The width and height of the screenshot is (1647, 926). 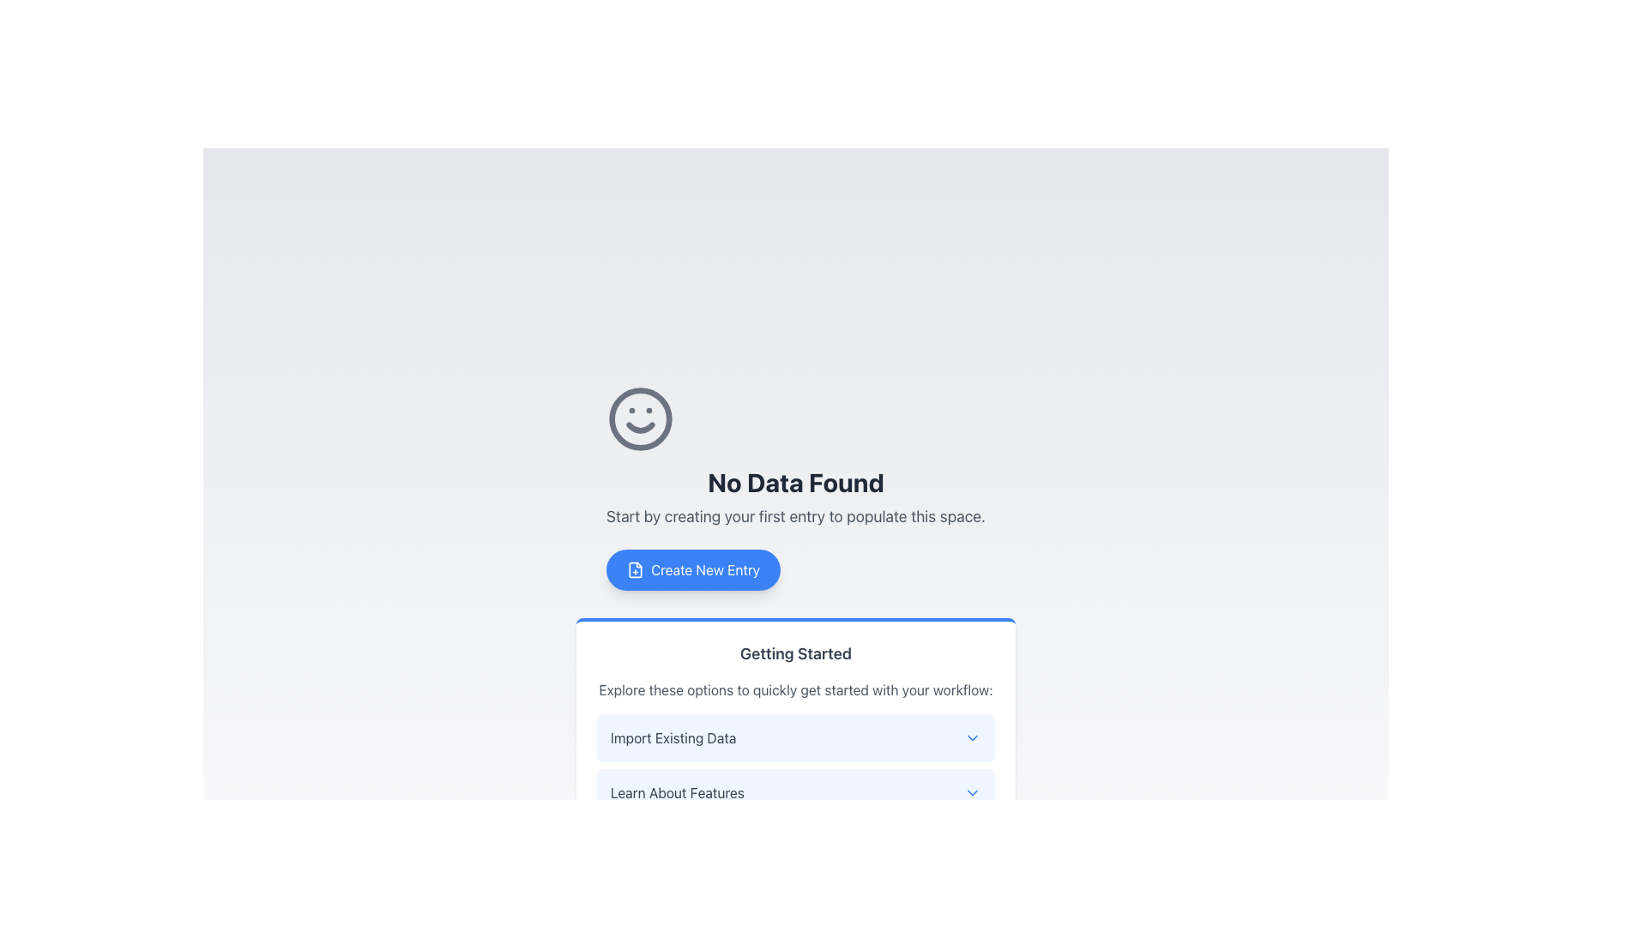 I want to click on the 'Create New Entry' button, which contains a minimalist document icon with a plus sign on the left side of the button text, to initiate the associated action, so click(x=635, y=569).